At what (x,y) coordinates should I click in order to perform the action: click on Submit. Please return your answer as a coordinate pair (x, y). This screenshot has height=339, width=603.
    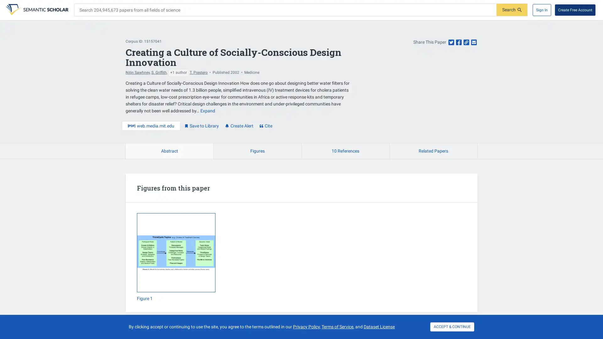
    Looking at the image, I should click on (512, 10).